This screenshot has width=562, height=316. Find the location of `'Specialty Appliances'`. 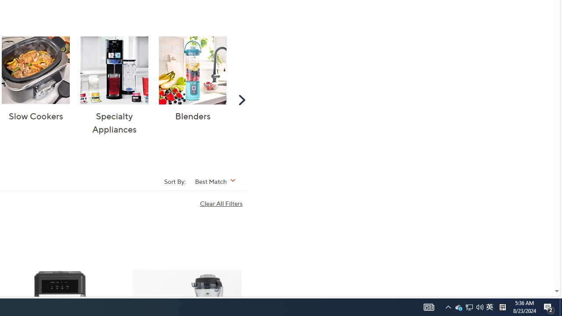

'Specialty Appliances' is located at coordinates (114, 70).